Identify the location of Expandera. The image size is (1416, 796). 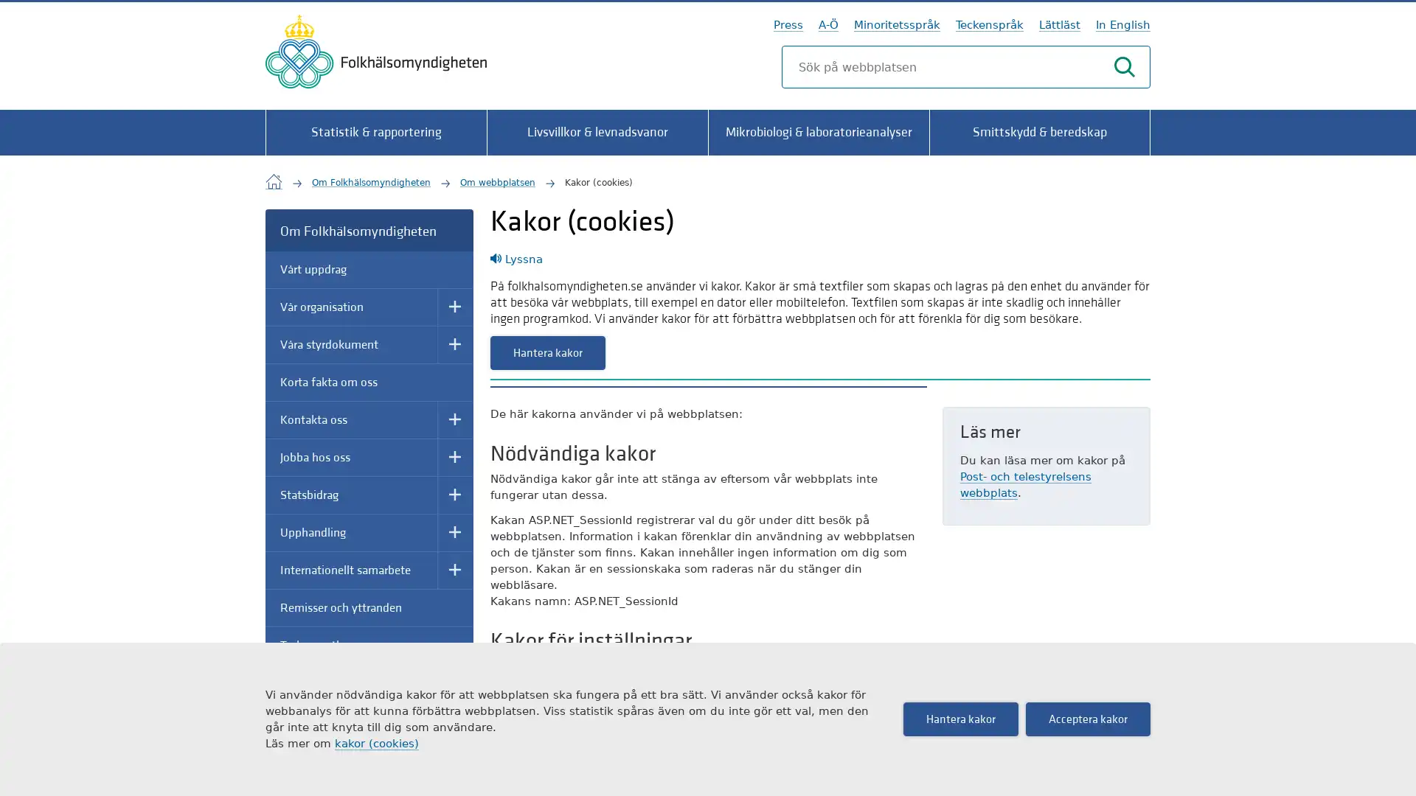
(454, 682).